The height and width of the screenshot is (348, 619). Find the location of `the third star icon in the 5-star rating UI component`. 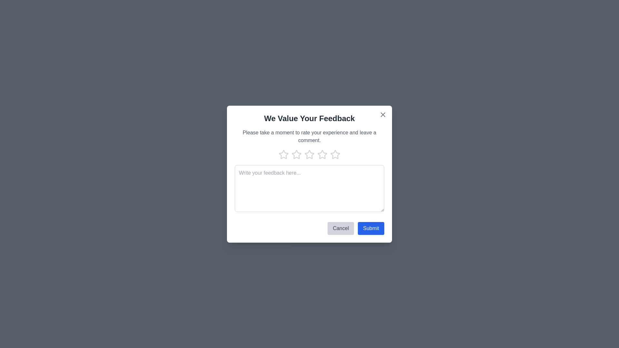

the third star icon in the 5-star rating UI component is located at coordinates (309, 154).